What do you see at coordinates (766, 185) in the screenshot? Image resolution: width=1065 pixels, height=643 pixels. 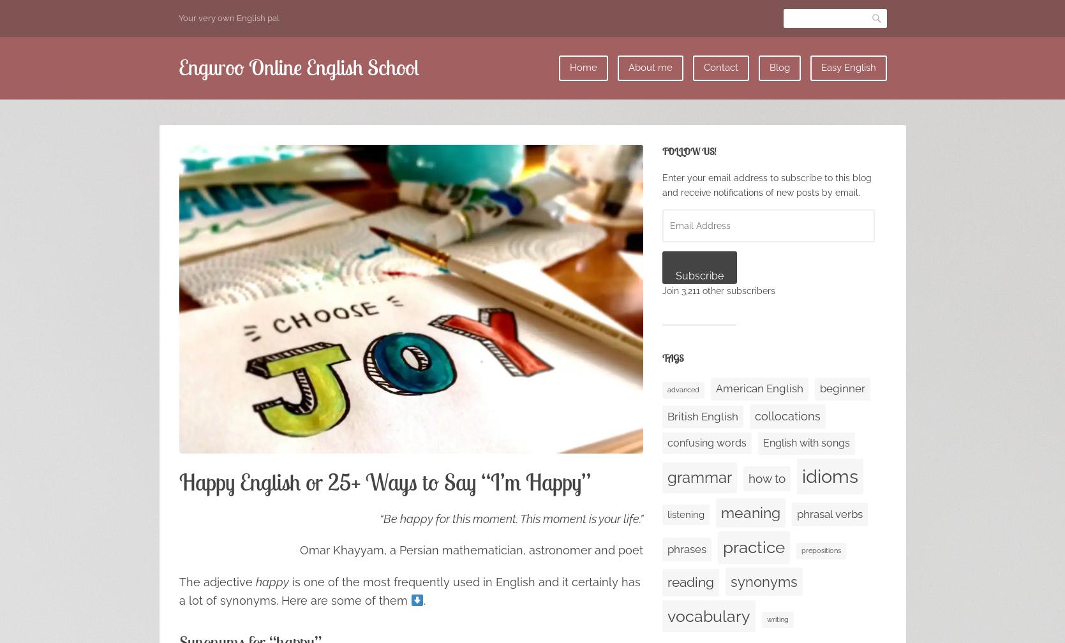 I see `'Enter your email address to subscribe to this blog and receive notifications of new posts by email.'` at bounding box center [766, 185].